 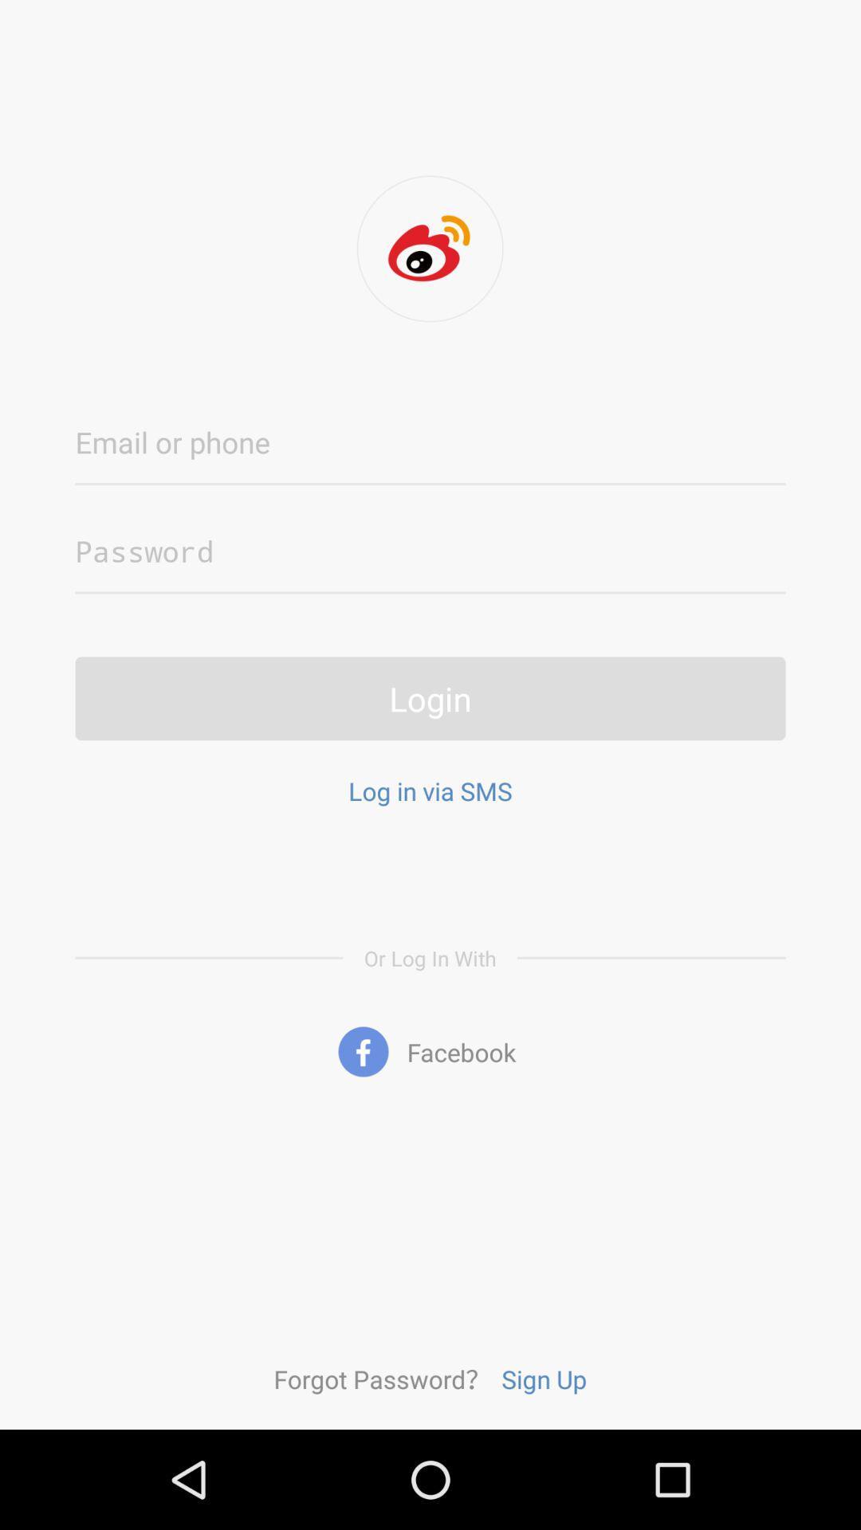 What do you see at coordinates (543, 1378) in the screenshot?
I see `sign up item` at bounding box center [543, 1378].